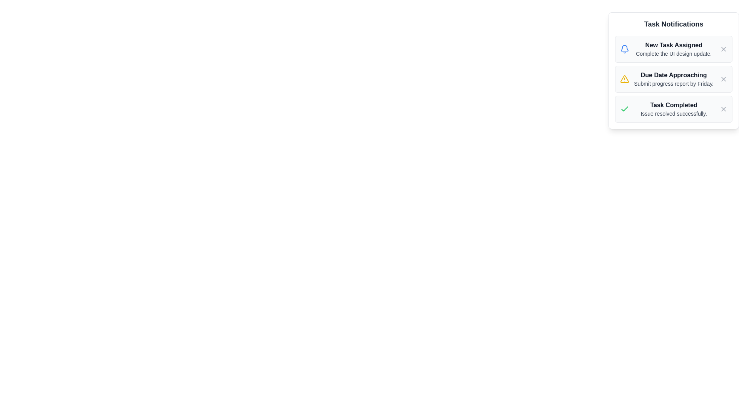 The height and width of the screenshot is (415, 739). Describe the element at coordinates (625, 48) in the screenshot. I see `the bottom flared portion of the bell icon, which is part of a vector graphic functioning as a notification indicator` at that location.